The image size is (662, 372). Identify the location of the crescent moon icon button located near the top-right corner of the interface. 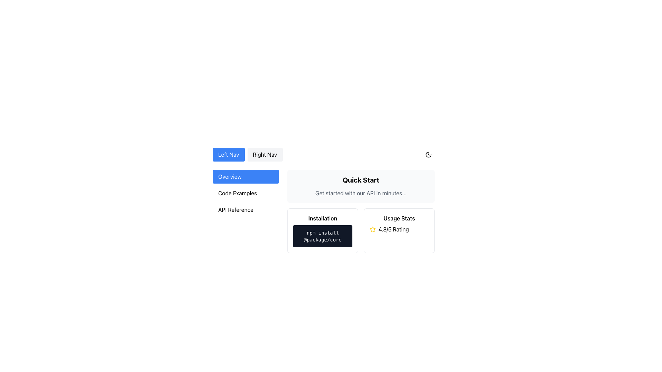
(428, 154).